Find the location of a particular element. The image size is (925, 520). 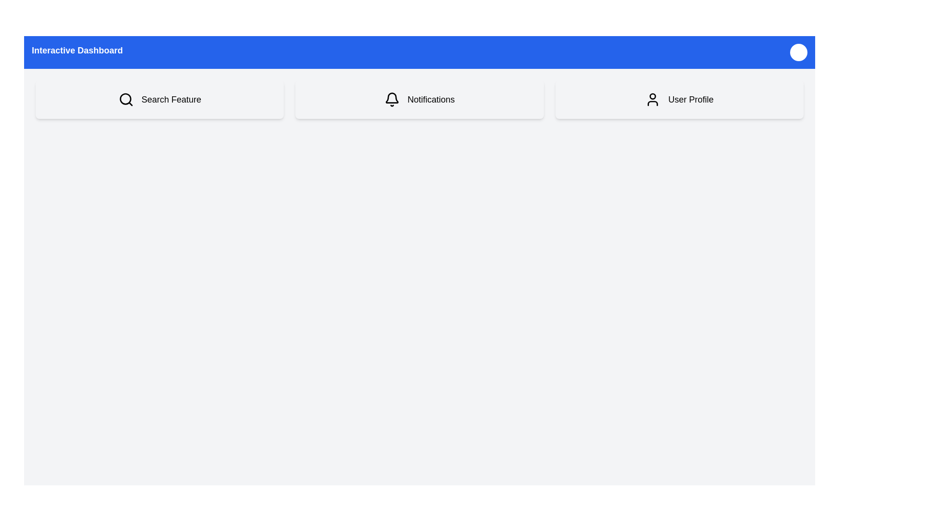

the notifications section by clicking on the bell-shaped SVG icon within the Notifications card, which is the second option below the blue navigation bar is located at coordinates (392, 98).